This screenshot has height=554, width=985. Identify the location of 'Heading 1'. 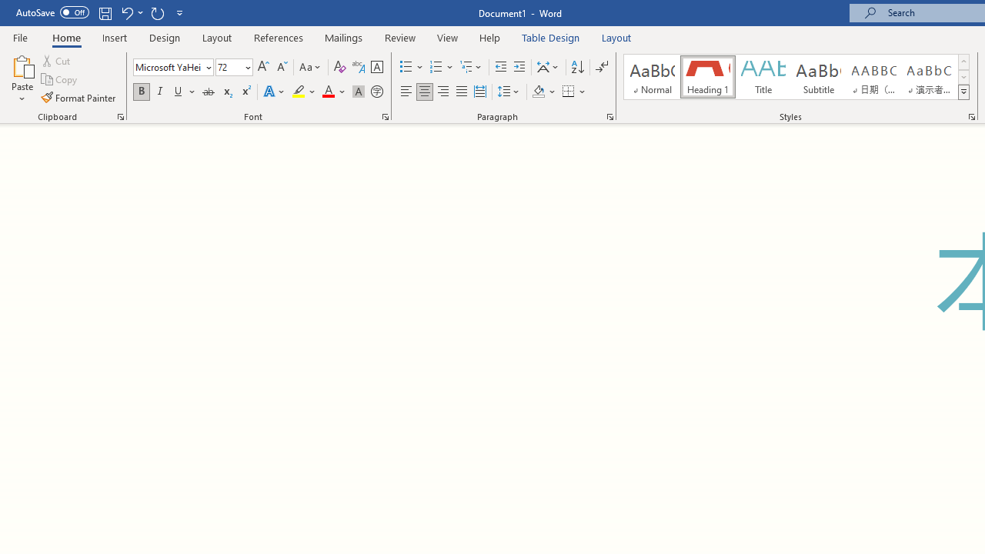
(707, 77).